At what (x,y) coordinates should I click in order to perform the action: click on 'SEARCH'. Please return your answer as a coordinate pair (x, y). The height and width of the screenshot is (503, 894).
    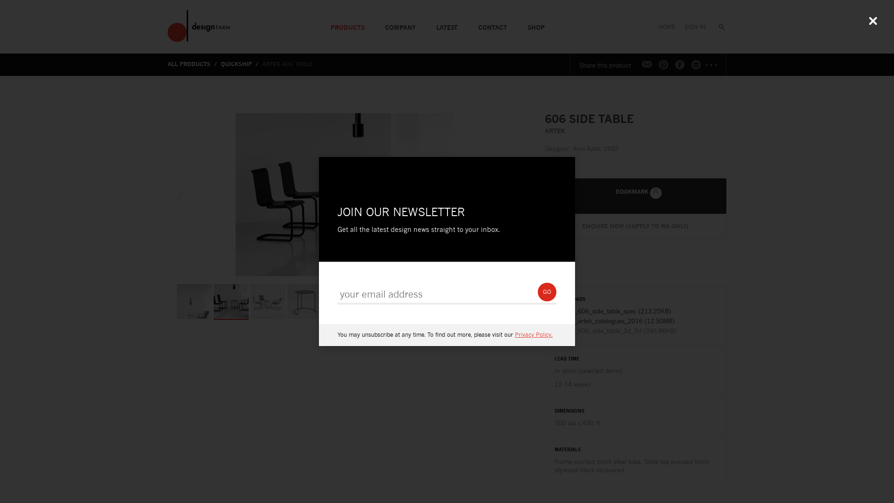
    Looking at the image, I should click on (718, 23).